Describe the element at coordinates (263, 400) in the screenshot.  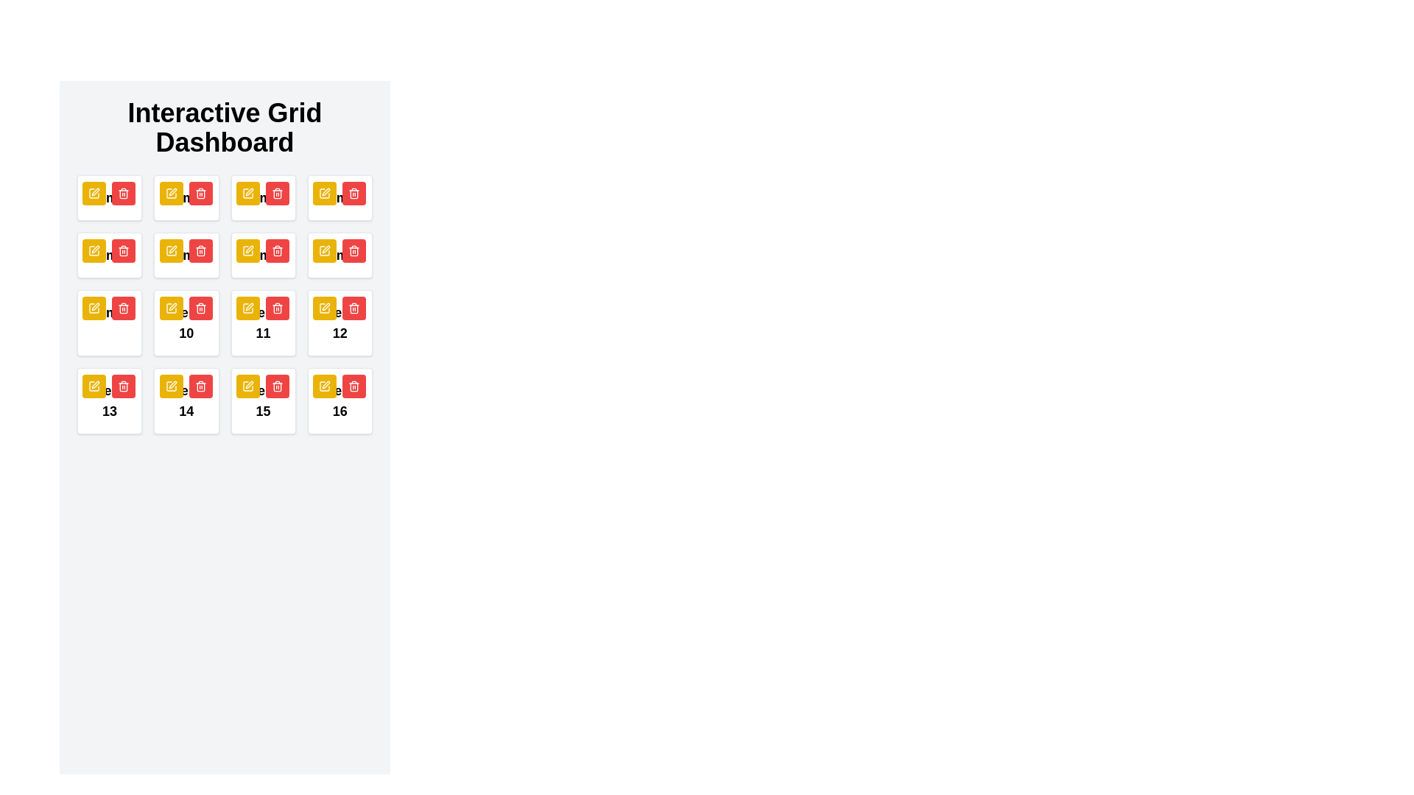
I see `the Interactive card component labeled 'Item 15'` at that location.